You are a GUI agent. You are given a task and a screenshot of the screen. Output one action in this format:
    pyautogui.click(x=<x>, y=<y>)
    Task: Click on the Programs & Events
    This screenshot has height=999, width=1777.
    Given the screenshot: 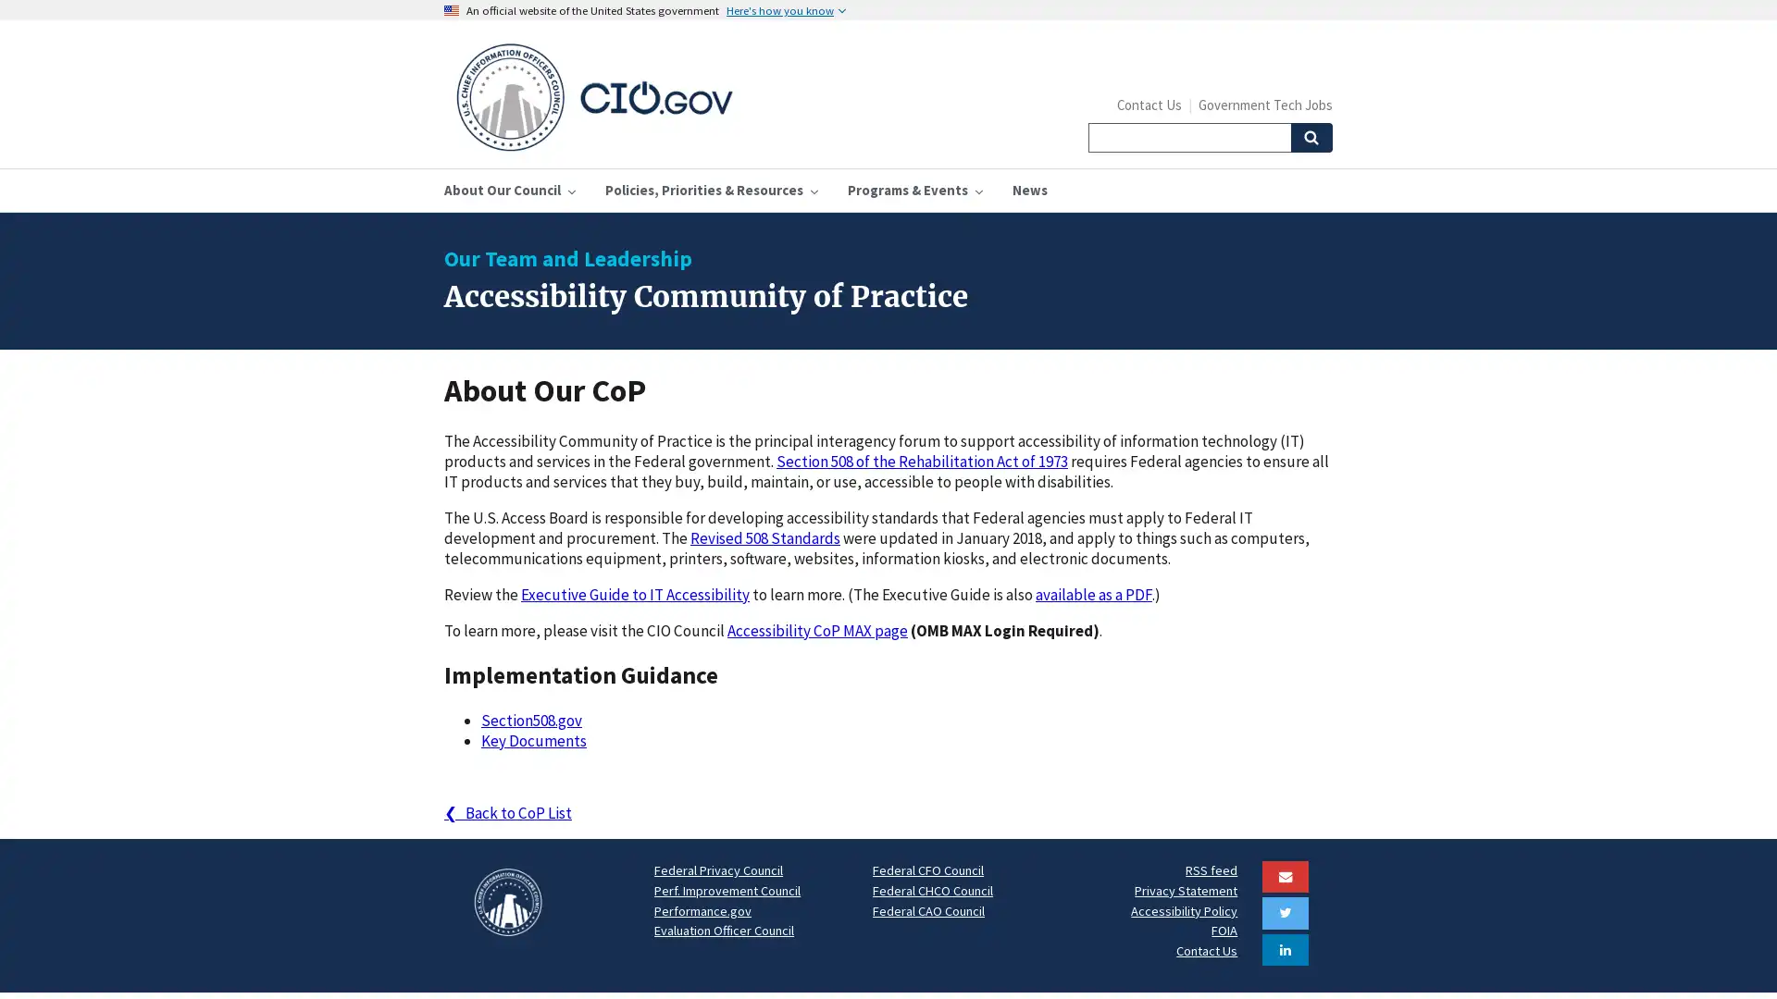 What is the action you would take?
    pyautogui.click(x=914, y=190)
    